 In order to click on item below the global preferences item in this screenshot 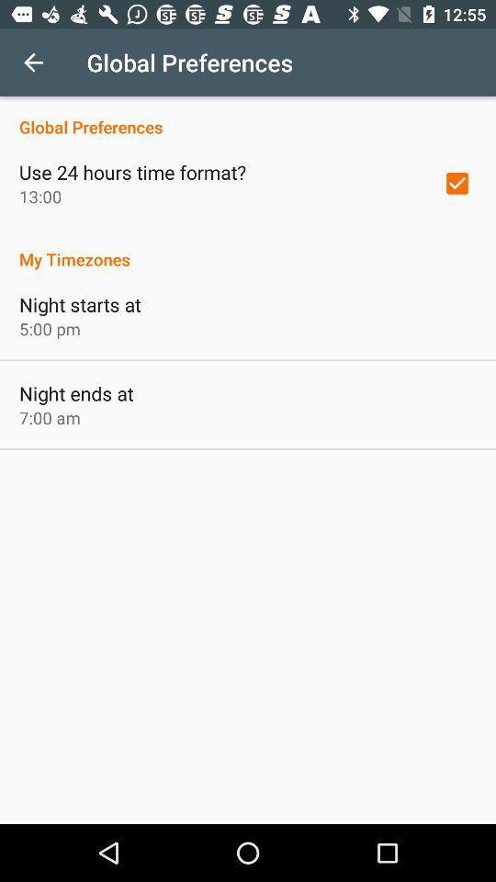, I will do `click(456, 183)`.